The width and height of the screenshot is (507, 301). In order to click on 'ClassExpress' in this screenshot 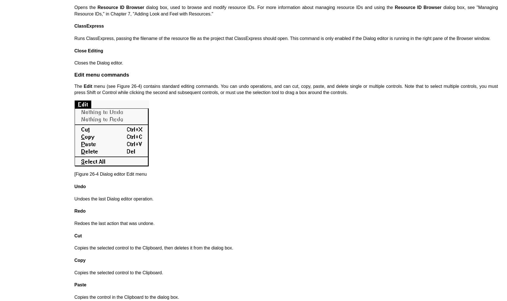, I will do `click(89, 26)`.